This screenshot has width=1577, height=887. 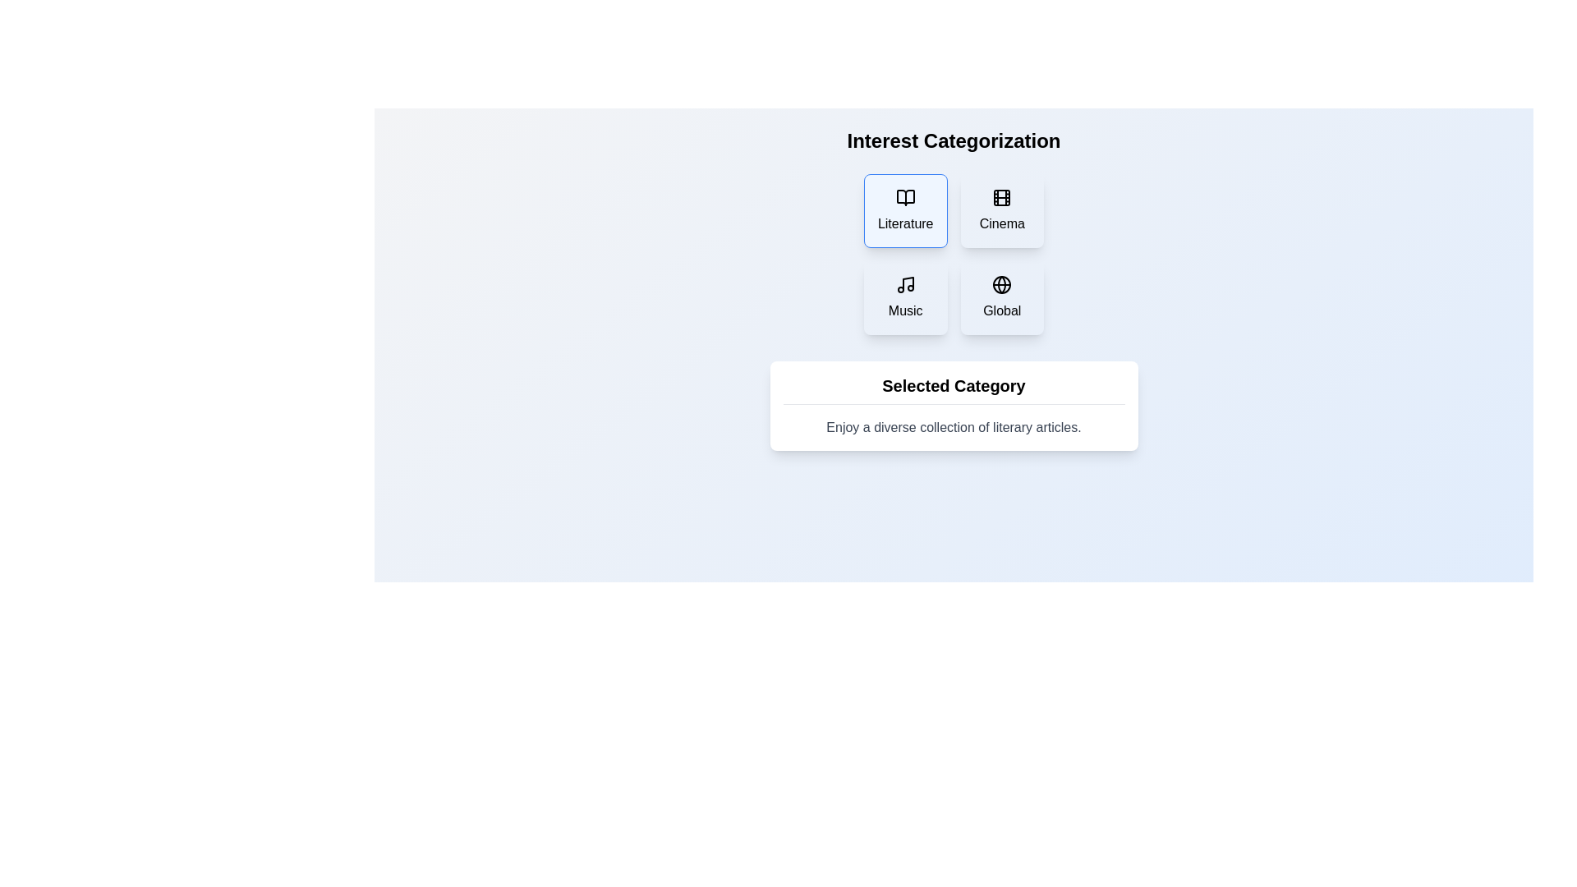 What do you see at coordinates (904, 284) in the screenshot?
I see `the musical note icon located at the center of the 'Music' card` at bounding box center [904, 284].